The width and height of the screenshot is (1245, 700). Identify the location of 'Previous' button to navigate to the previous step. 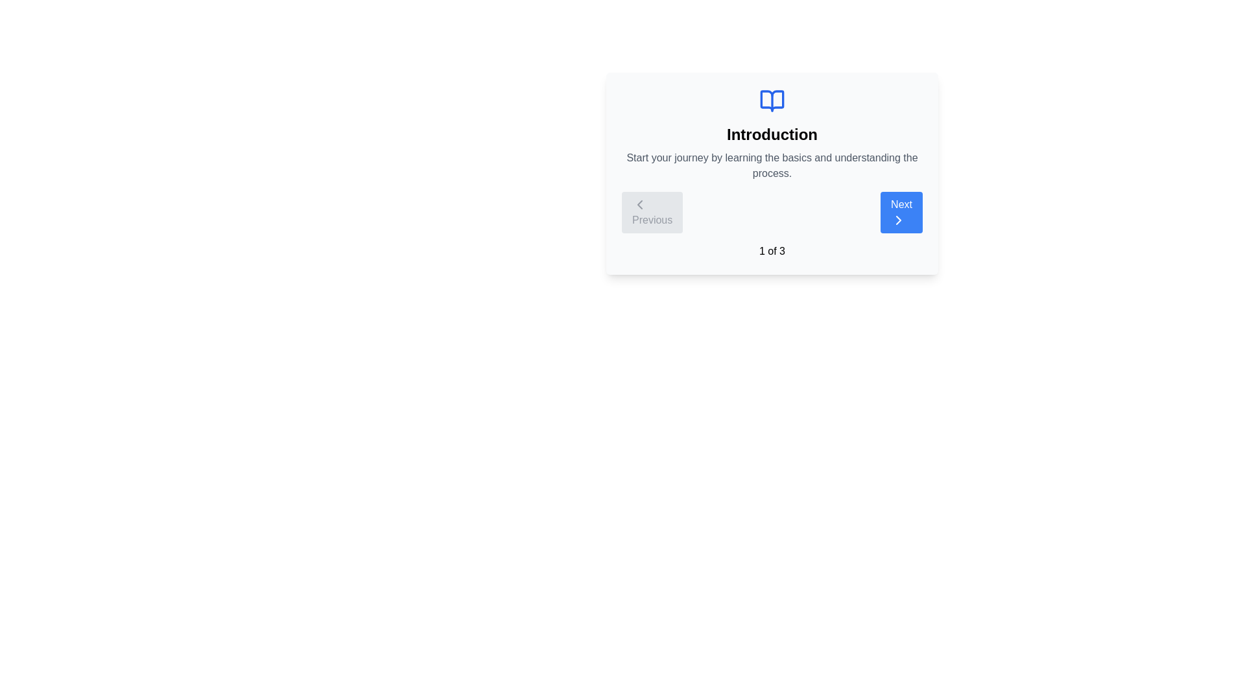
(652, 211).